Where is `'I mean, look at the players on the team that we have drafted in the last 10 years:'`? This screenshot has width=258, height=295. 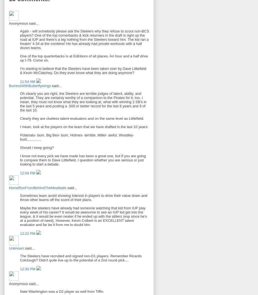 'I mean, look at the players on the team that we have drafted in the last 10 years:' is located at coordinates (84, 127).